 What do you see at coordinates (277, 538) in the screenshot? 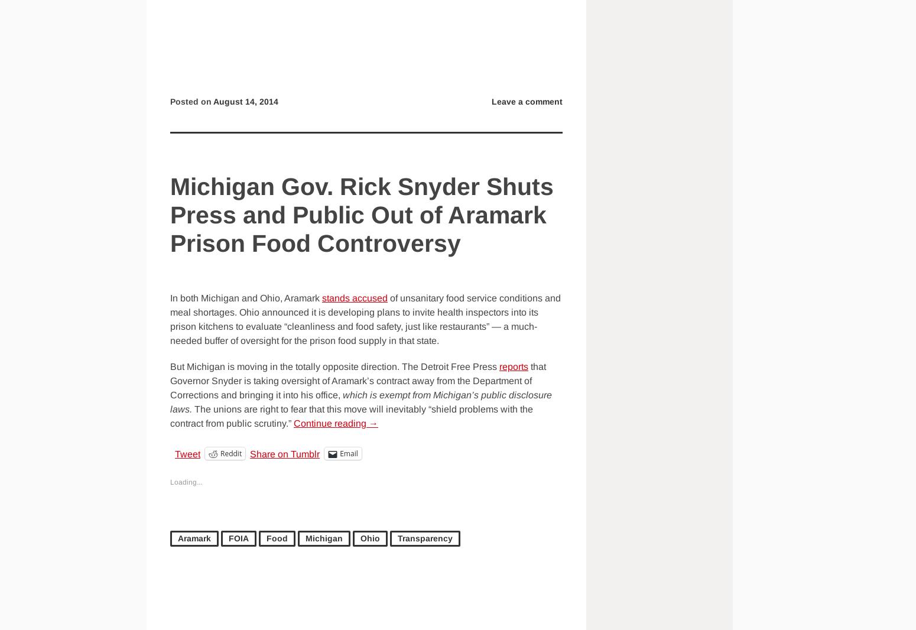
I see `'Food'` at bounding box center [277, 538].